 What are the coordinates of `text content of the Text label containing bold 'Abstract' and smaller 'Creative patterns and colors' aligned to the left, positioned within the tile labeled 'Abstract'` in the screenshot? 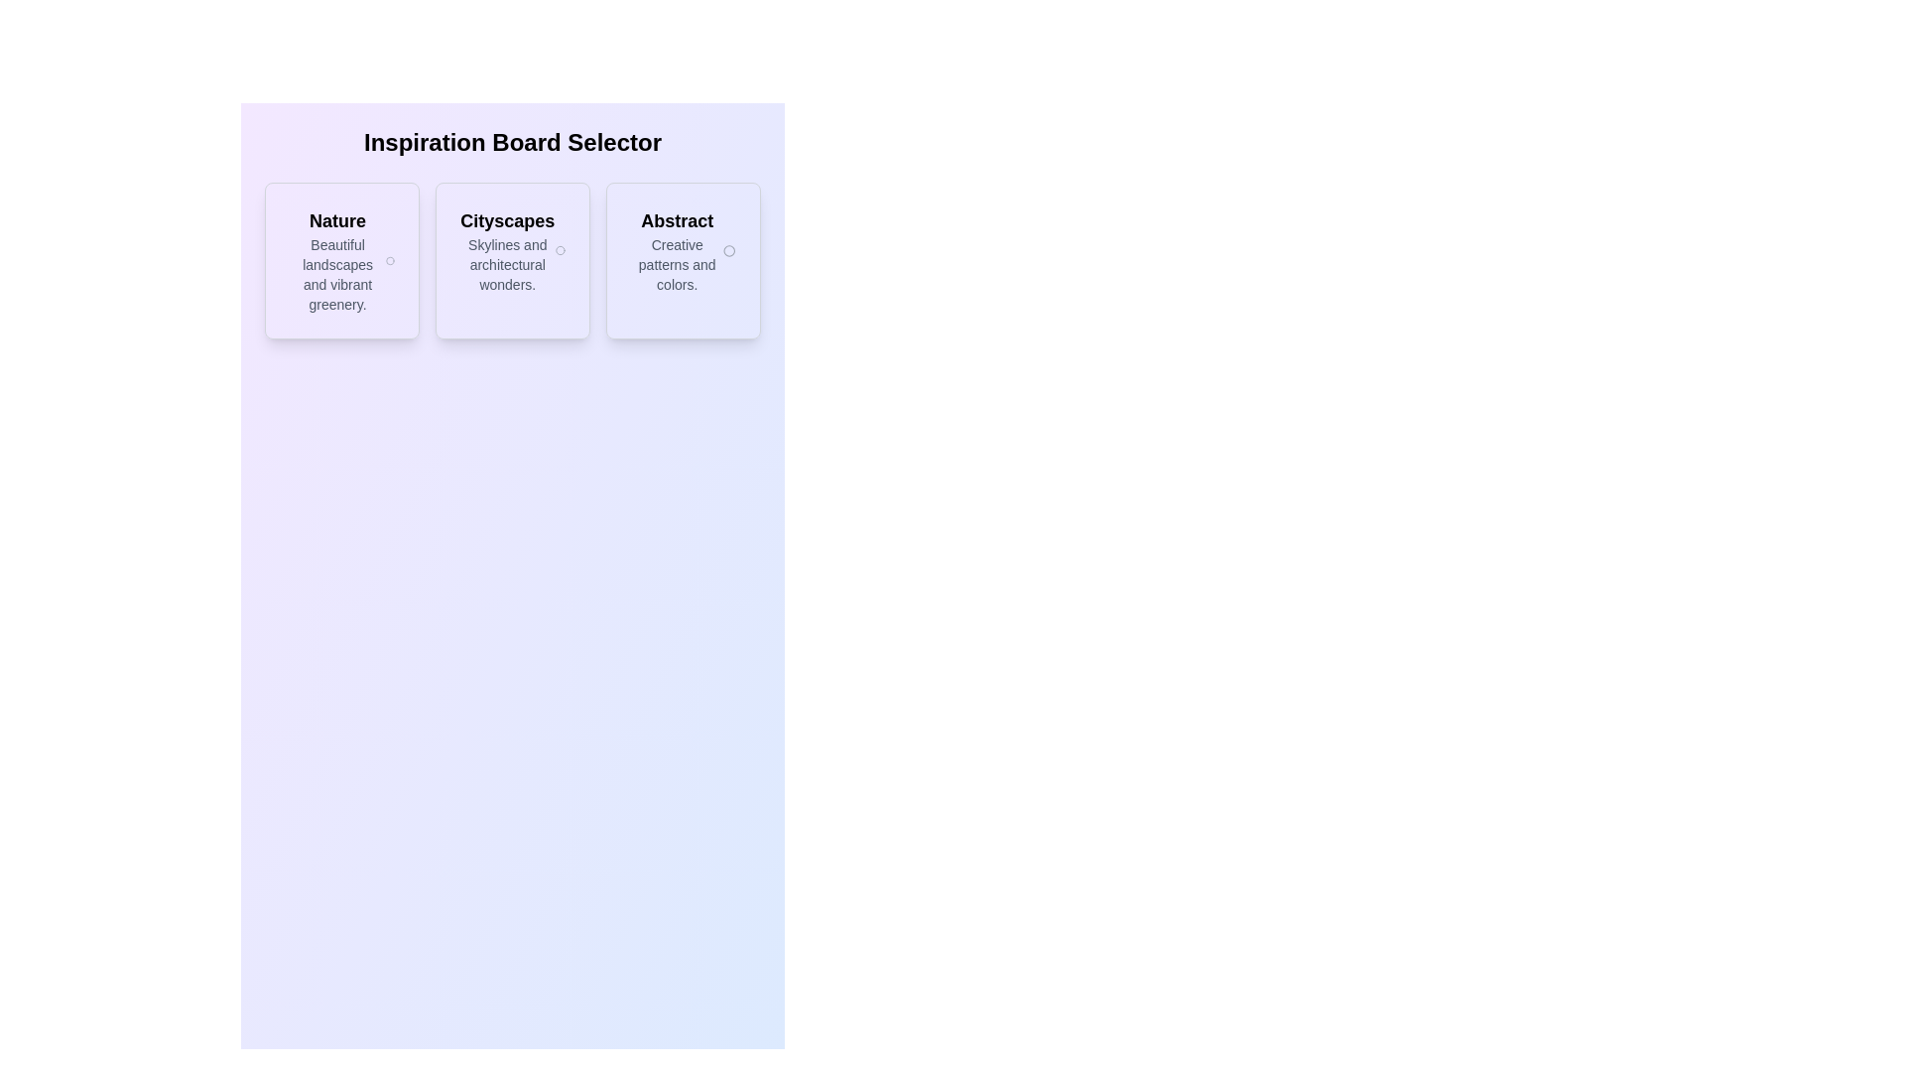 It's located at (684, 250).